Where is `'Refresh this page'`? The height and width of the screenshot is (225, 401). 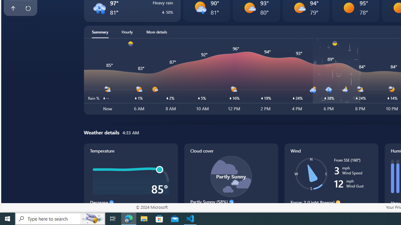 'Refresh this page' is located at coordinates (28, 8).